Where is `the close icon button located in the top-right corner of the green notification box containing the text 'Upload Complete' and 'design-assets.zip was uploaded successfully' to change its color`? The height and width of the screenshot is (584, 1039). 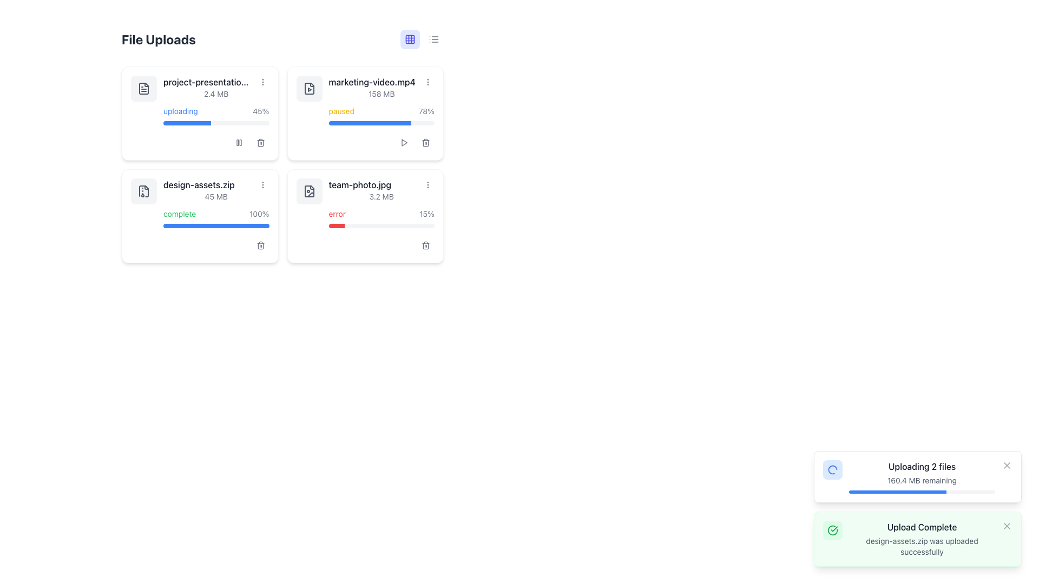
the close icon button located in the top-right corner of the green notification box containing the text 'Upload Complete' and 'design-assets.zip was uploaded successfully' to change its color is located at coordinates (1007, 525).